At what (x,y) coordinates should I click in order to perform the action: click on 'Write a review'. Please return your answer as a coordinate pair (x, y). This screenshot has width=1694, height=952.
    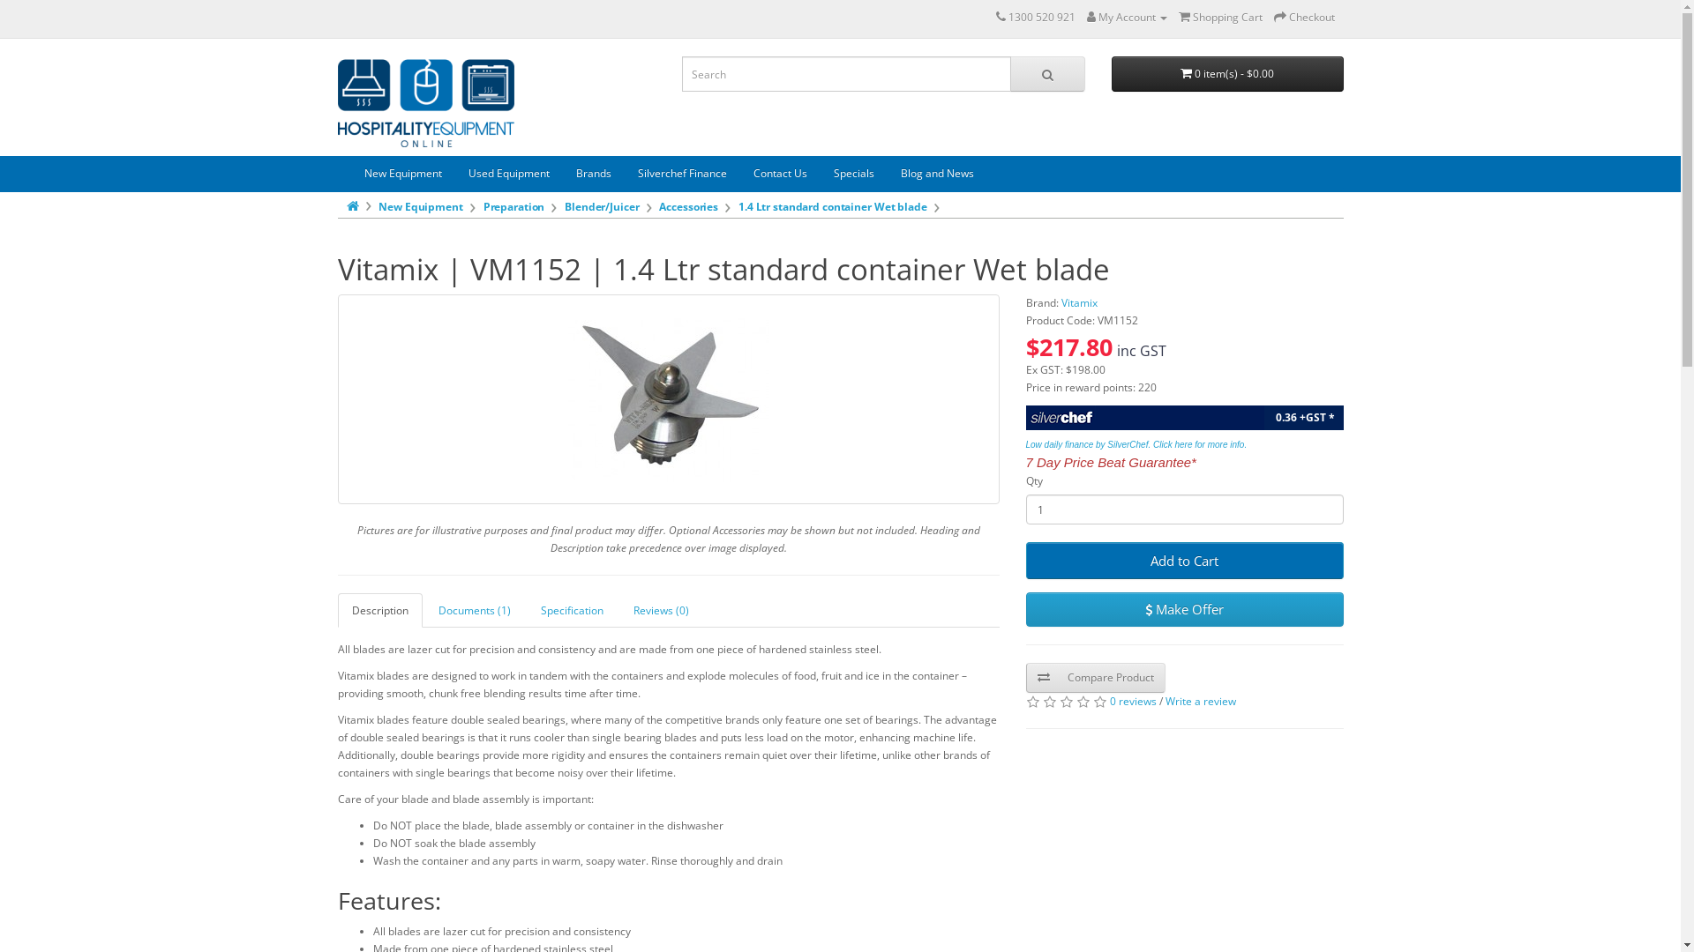
    Looking at the image, I should click on (1199, 700).